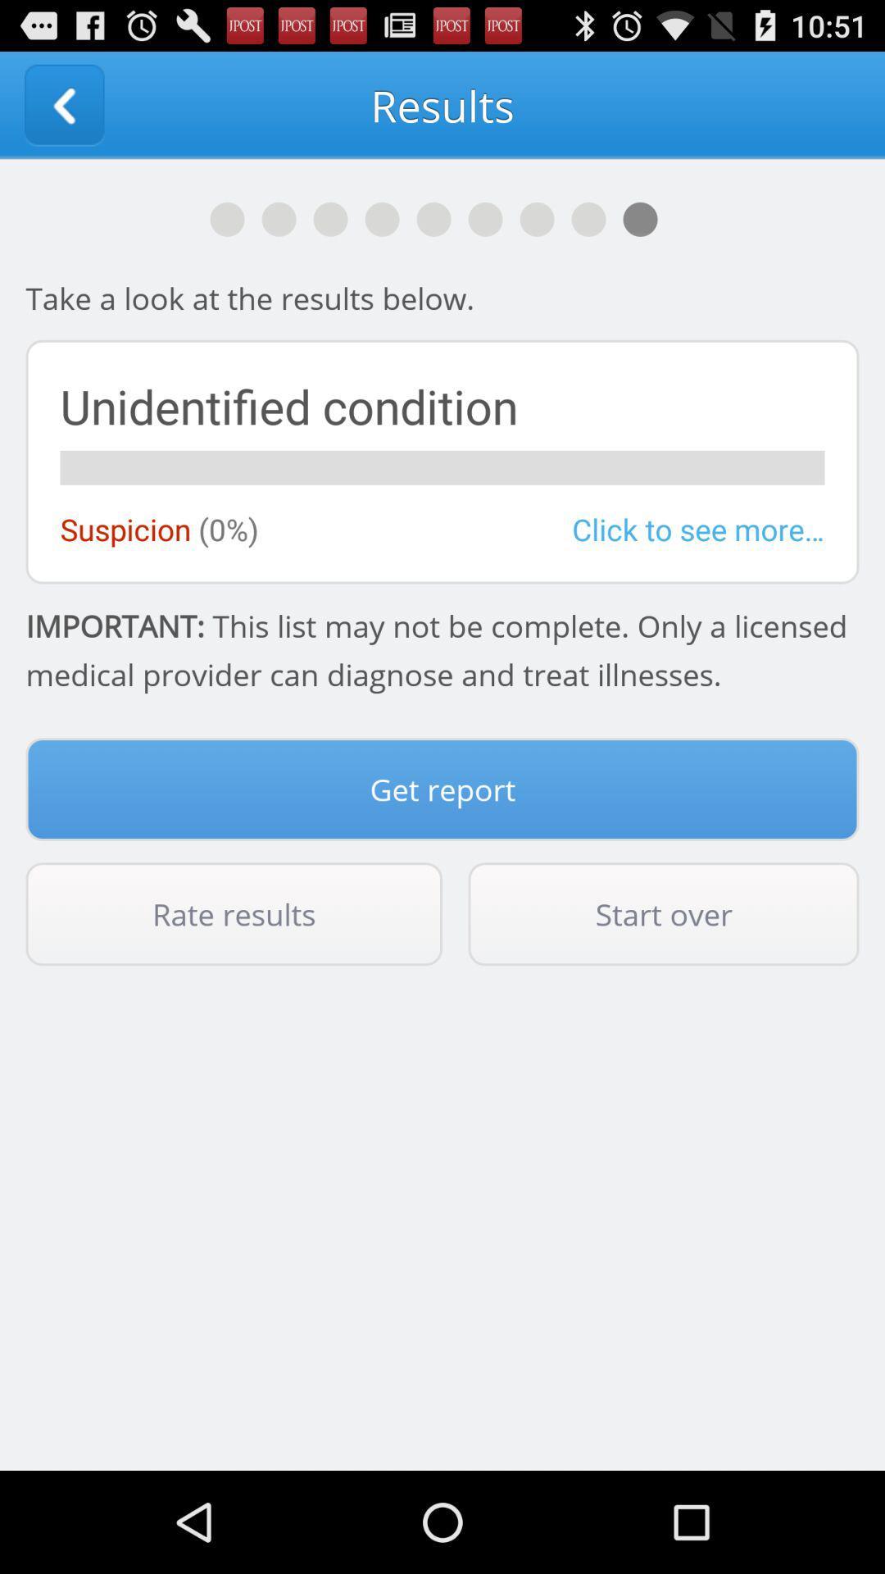  I want to click on icon next to the start over icon, so click(234, 913).